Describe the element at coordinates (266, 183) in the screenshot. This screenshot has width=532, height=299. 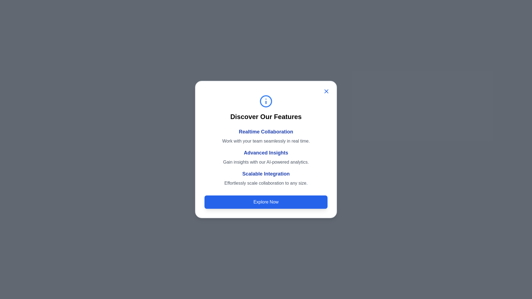
I see `the static text element that displays 'Effortlessly scale collaboration to any size.', located below the heading 'Scalable Integration' in the modal window` at that location.